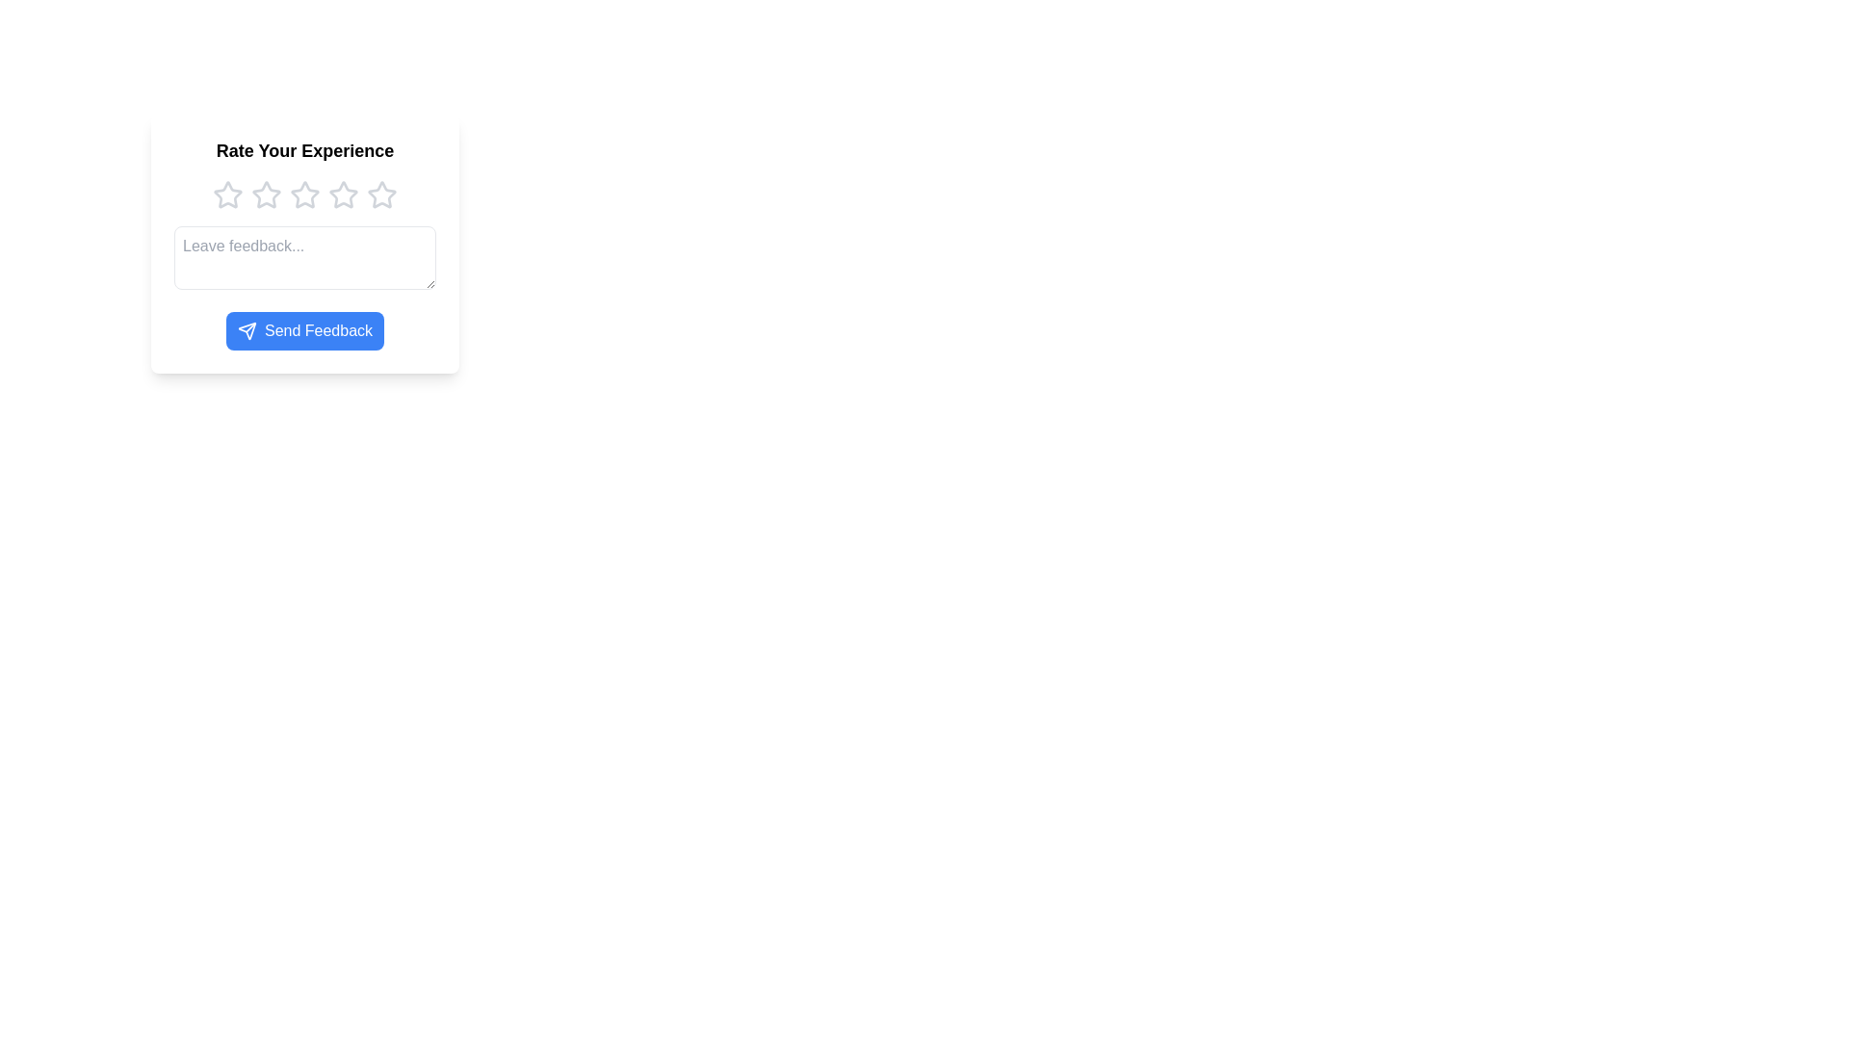 The height and width of the screenshot is (1040, 1849). Describe the element at coordinates (227, 195) in the screenshot. I see `the first star icon in the row of five stars used for rating, located beneath the 'Rate Your Experience' header` at that location.